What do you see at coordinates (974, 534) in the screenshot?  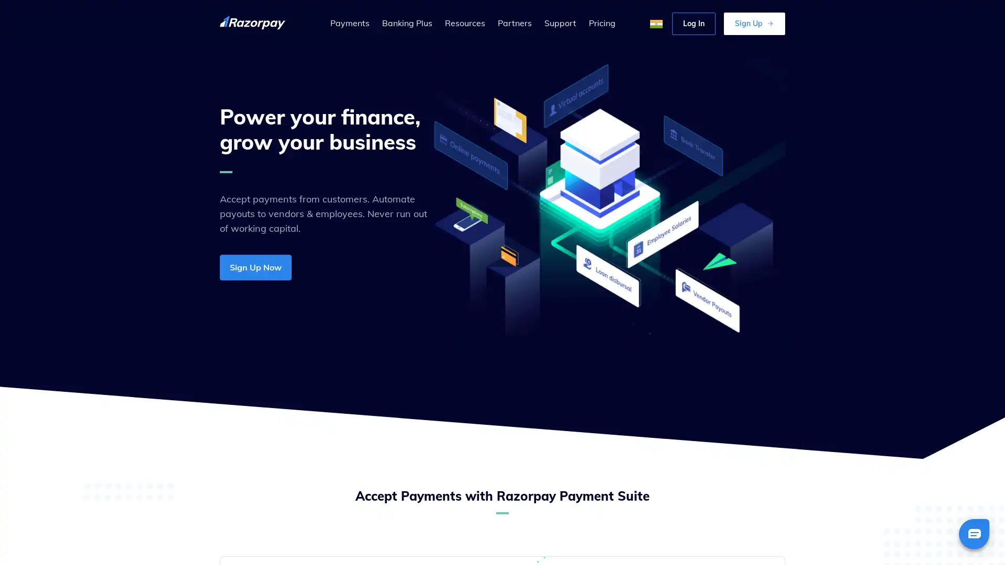 I see `Chat bubble` at bounding box center [974, 534].